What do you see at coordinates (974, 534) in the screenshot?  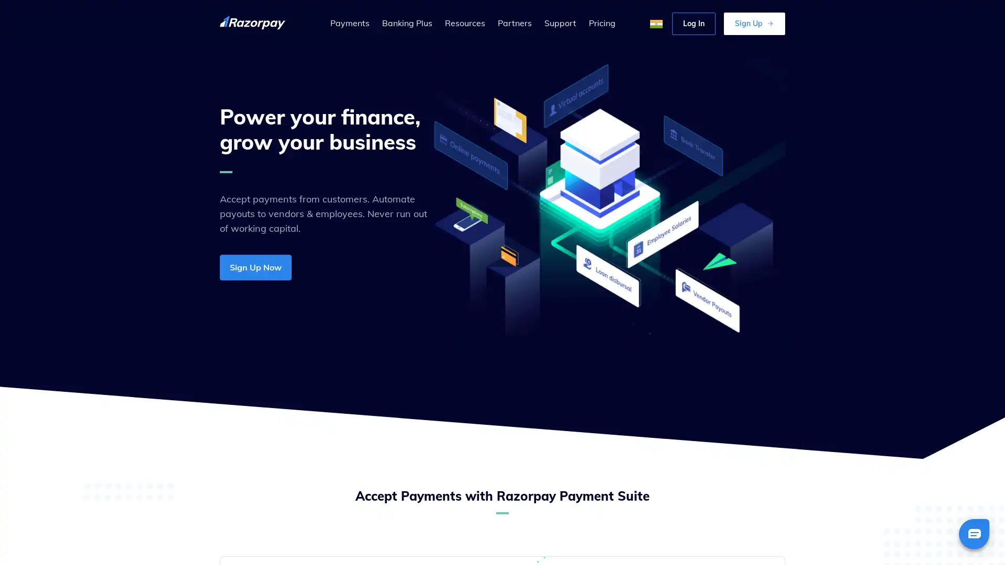 I see `Chat bubble` at bounding box center [974, 534].